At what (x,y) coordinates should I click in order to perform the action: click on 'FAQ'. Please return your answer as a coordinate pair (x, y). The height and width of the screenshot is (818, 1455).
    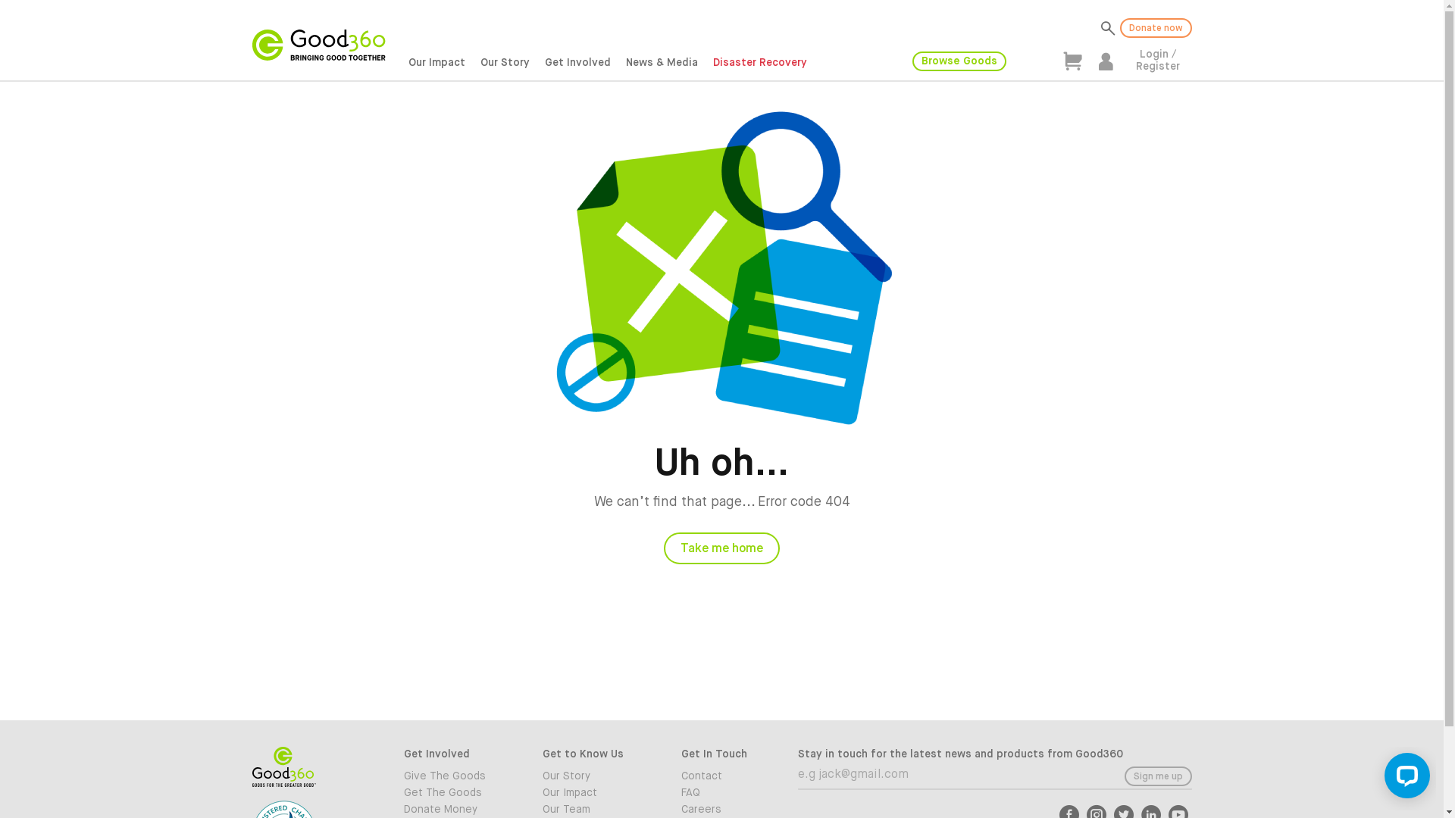
    Looking at the image, I should click on (739, 791).